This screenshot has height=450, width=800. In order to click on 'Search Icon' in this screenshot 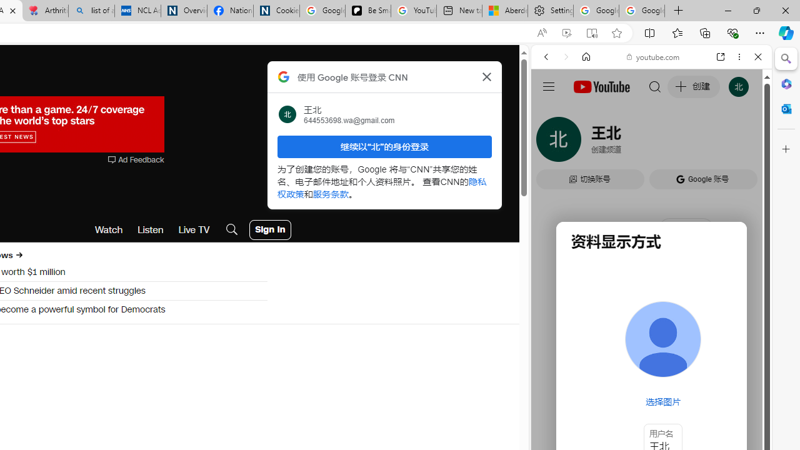, I will do `click(232, 229)`.